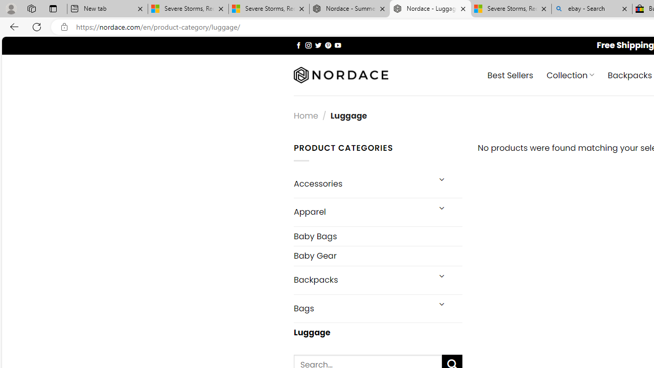 The height and width of the screenshot is (368, 654). What do you see at coordinates (510, 74) in the screenshot?
I see `' Best Sellers'` at bounding box center [510, 74].